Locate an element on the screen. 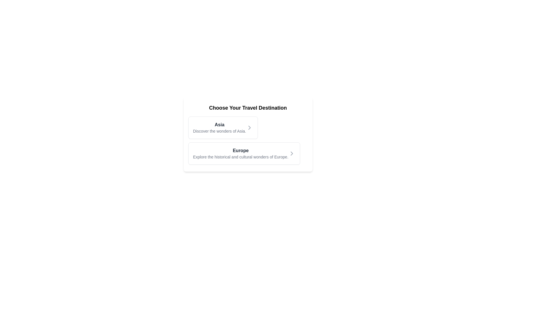 The image size is (552, 310). the right-pointing chevron arrow icon that indicates further actions or navigation related to 'Asia' is located at coordinates (249, 127).